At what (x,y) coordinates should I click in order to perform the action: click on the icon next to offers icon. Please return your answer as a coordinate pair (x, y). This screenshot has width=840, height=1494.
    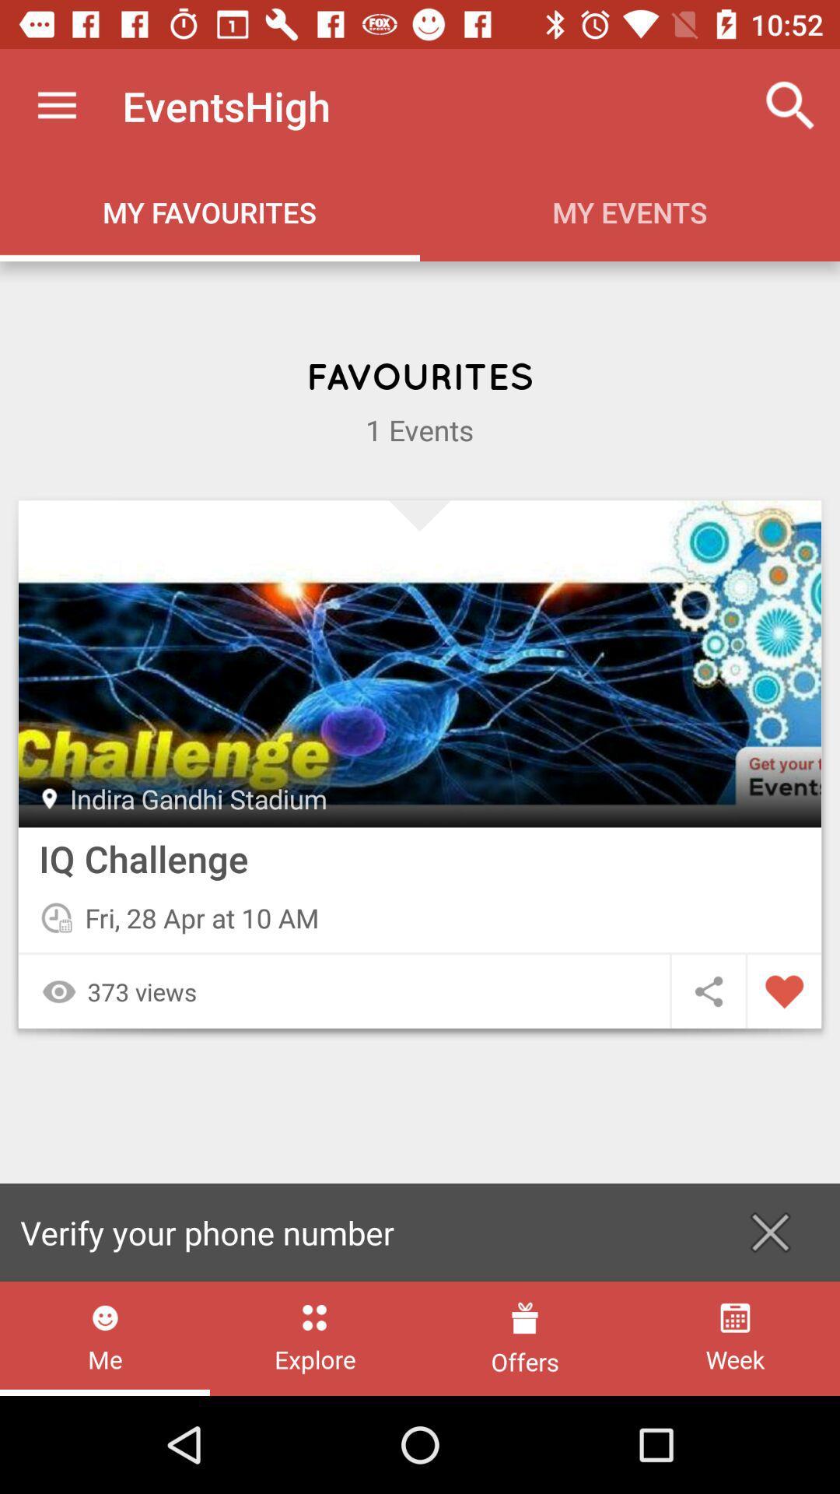
    Looking at the image, I should click on (315, 1338).